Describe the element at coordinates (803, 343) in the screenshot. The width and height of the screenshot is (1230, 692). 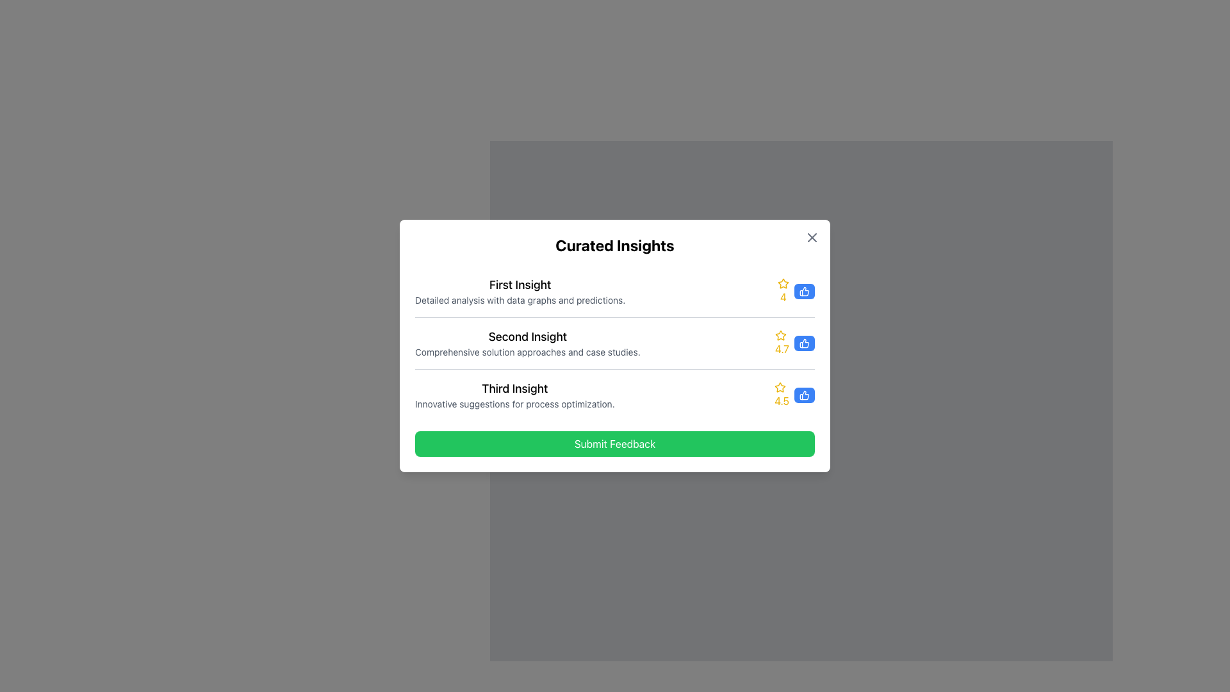
I see `the thumbs-up icon adjacent to the numeric value '4.7' in the second list item of the modal window to interact with it` at that location.